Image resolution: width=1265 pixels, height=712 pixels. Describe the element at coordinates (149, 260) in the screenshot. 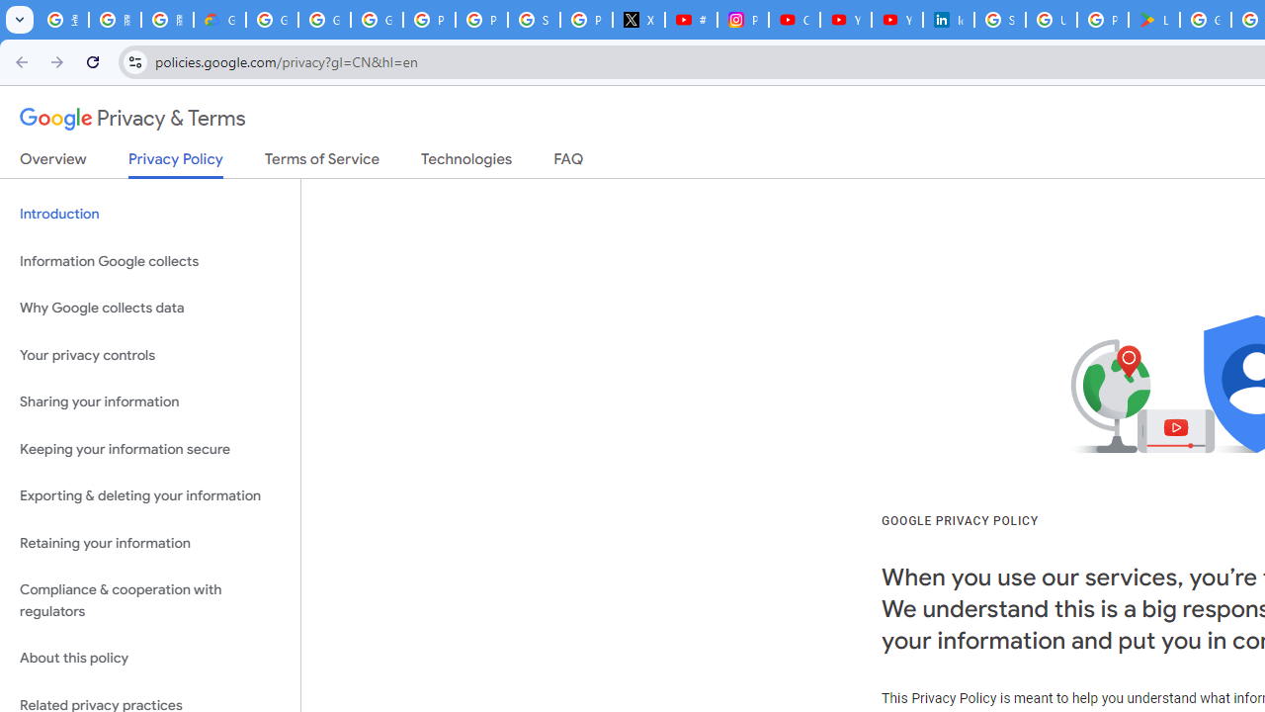

I see `'Information Google collects'` at that location.